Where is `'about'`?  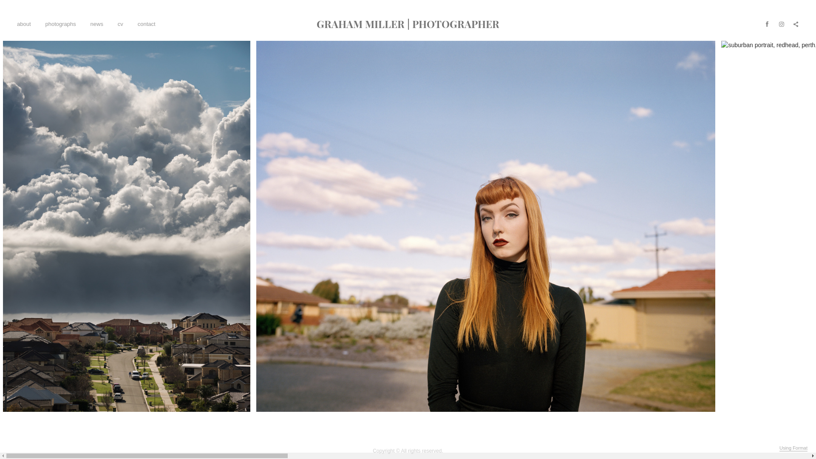
'about' is located at coordinates (24, 23).